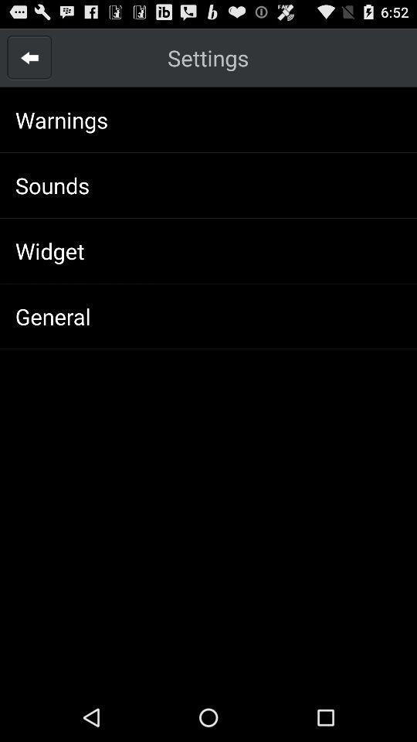 This screenshot has height=742, width=417. I want to click on general app, so click(52, 315).